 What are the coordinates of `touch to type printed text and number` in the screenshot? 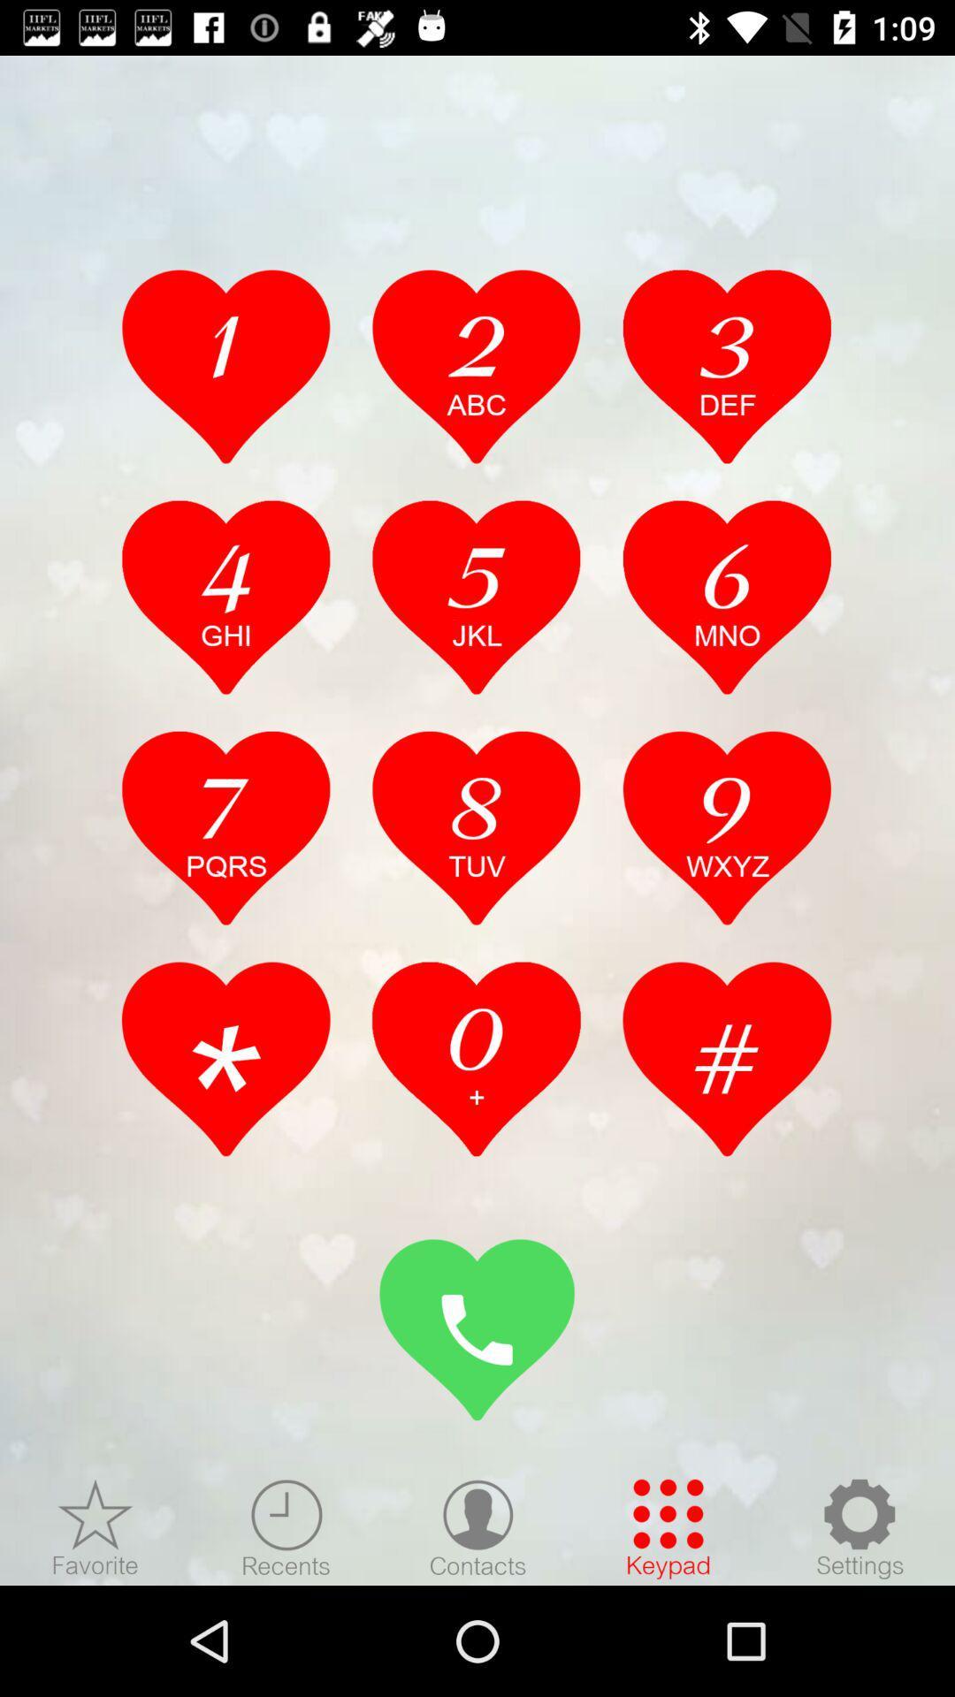 It's located at (476, 597).